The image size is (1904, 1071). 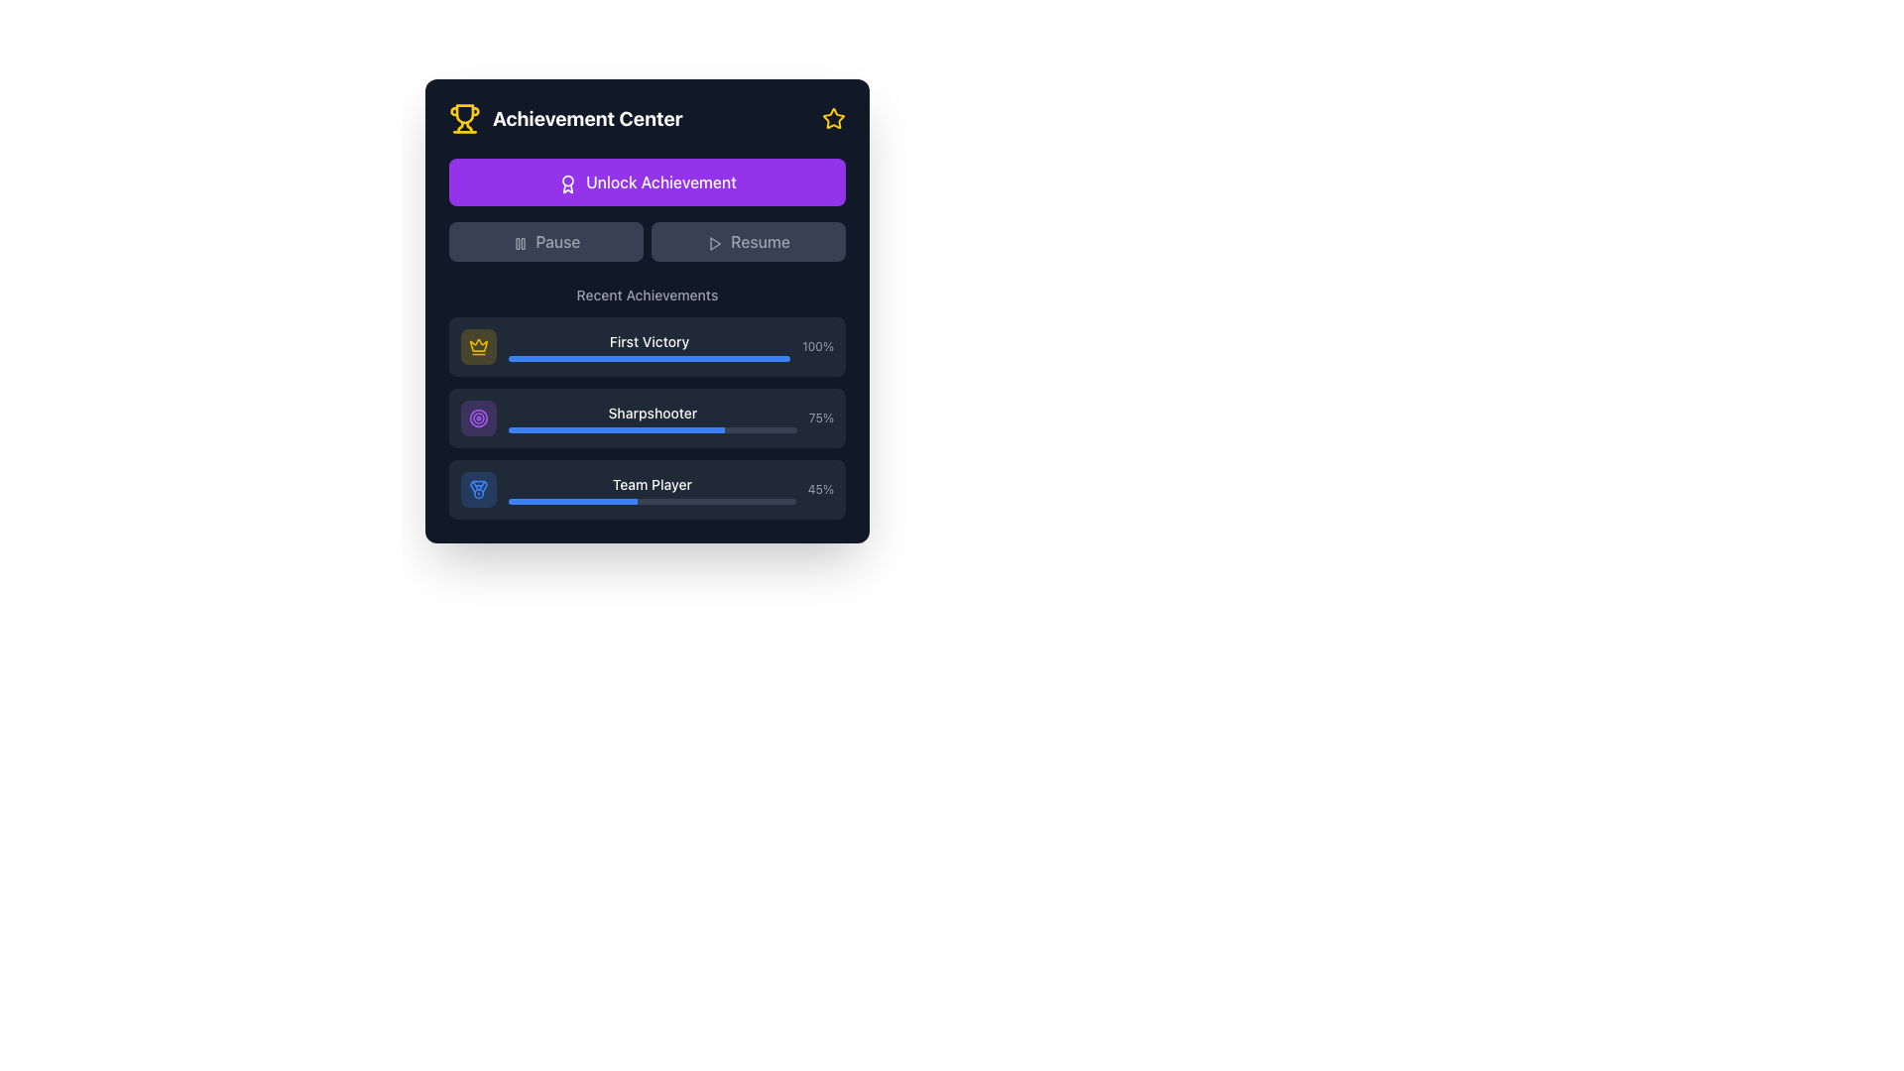 I want to click on the progress bar indicating 75% completion for the 'Sharpshooter' achievement, which is positioned below the 'Sharpshooter' text in the achievements list, so click(x=653, y=429).